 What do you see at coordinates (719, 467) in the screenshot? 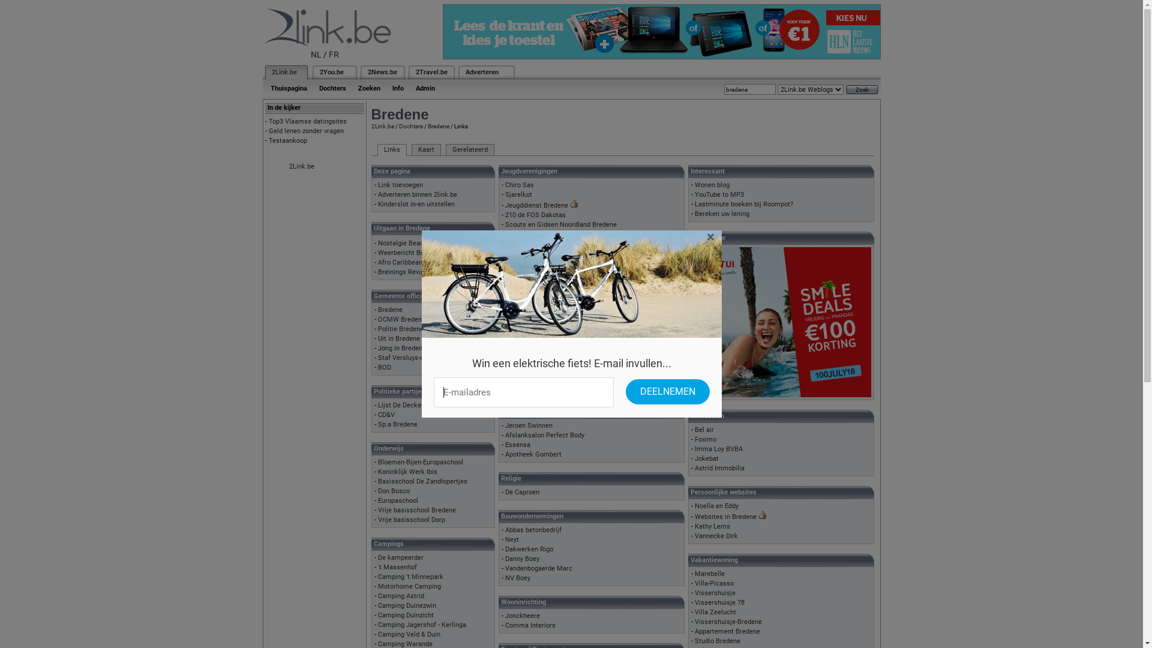
I see `'Astrid Immobilia'` at bounding box center [719, 467].